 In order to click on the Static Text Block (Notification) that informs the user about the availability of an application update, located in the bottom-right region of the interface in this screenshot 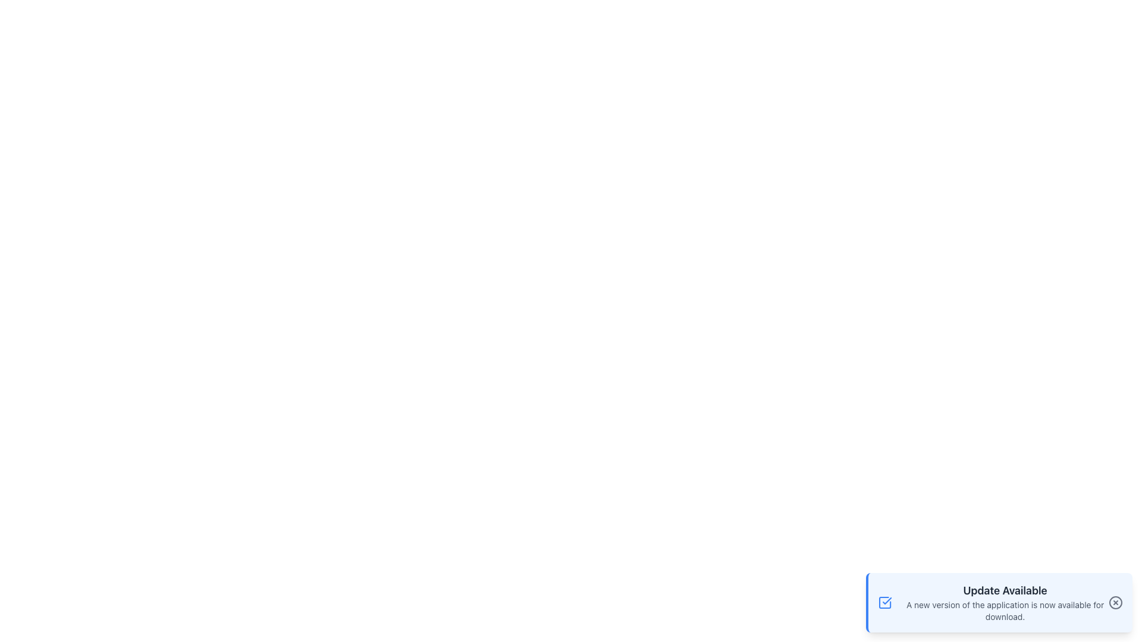, I will do `click(1005, 603)`.